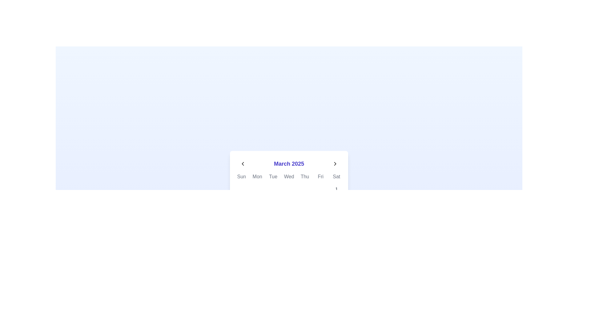  Describe the element at coordinates (305, 188) in the screenshot. I see `the button UI component located` at that location.